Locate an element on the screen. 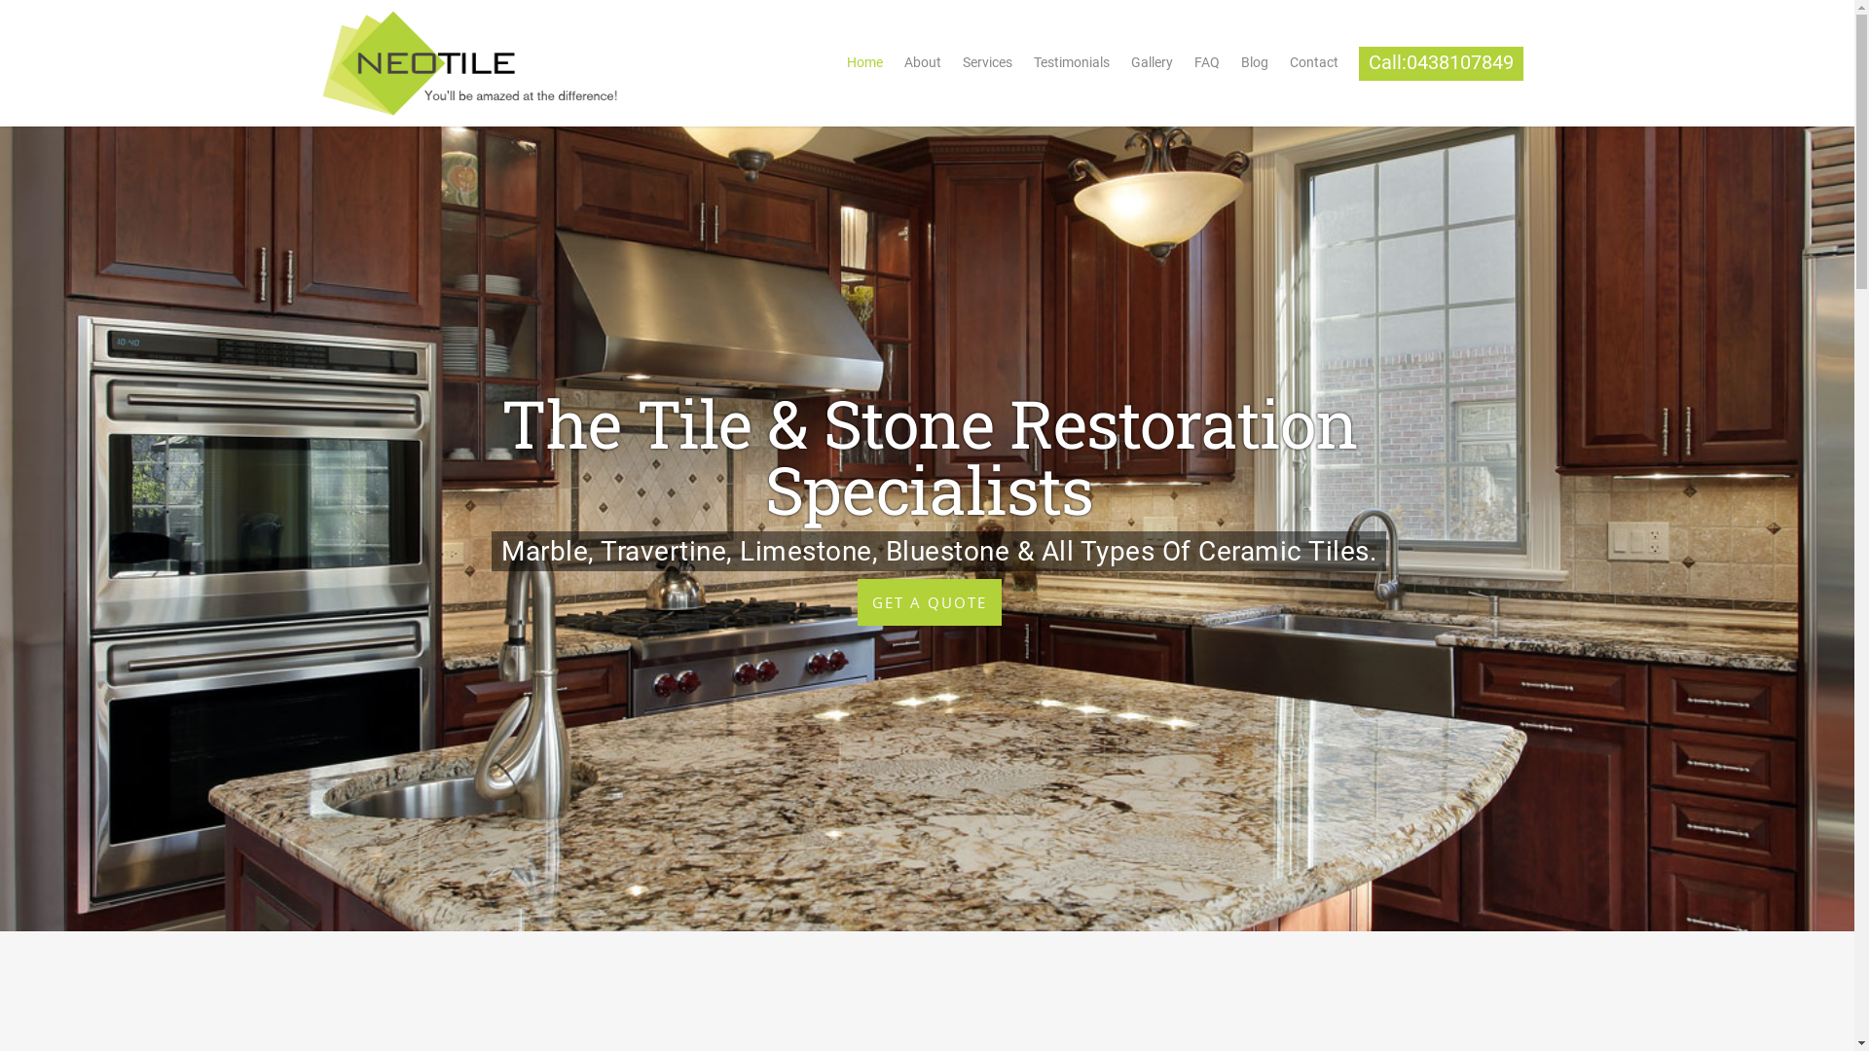  'About' is located at coordinates (922, 66).